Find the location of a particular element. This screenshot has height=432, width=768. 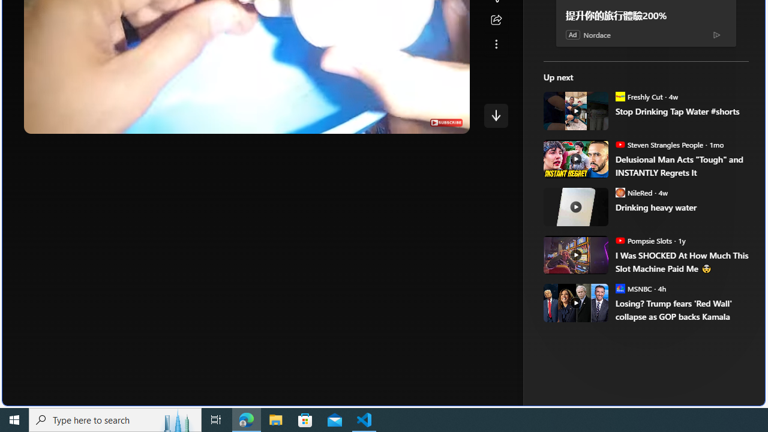

'Freshly Cut' is located at coordinates (620, 95).